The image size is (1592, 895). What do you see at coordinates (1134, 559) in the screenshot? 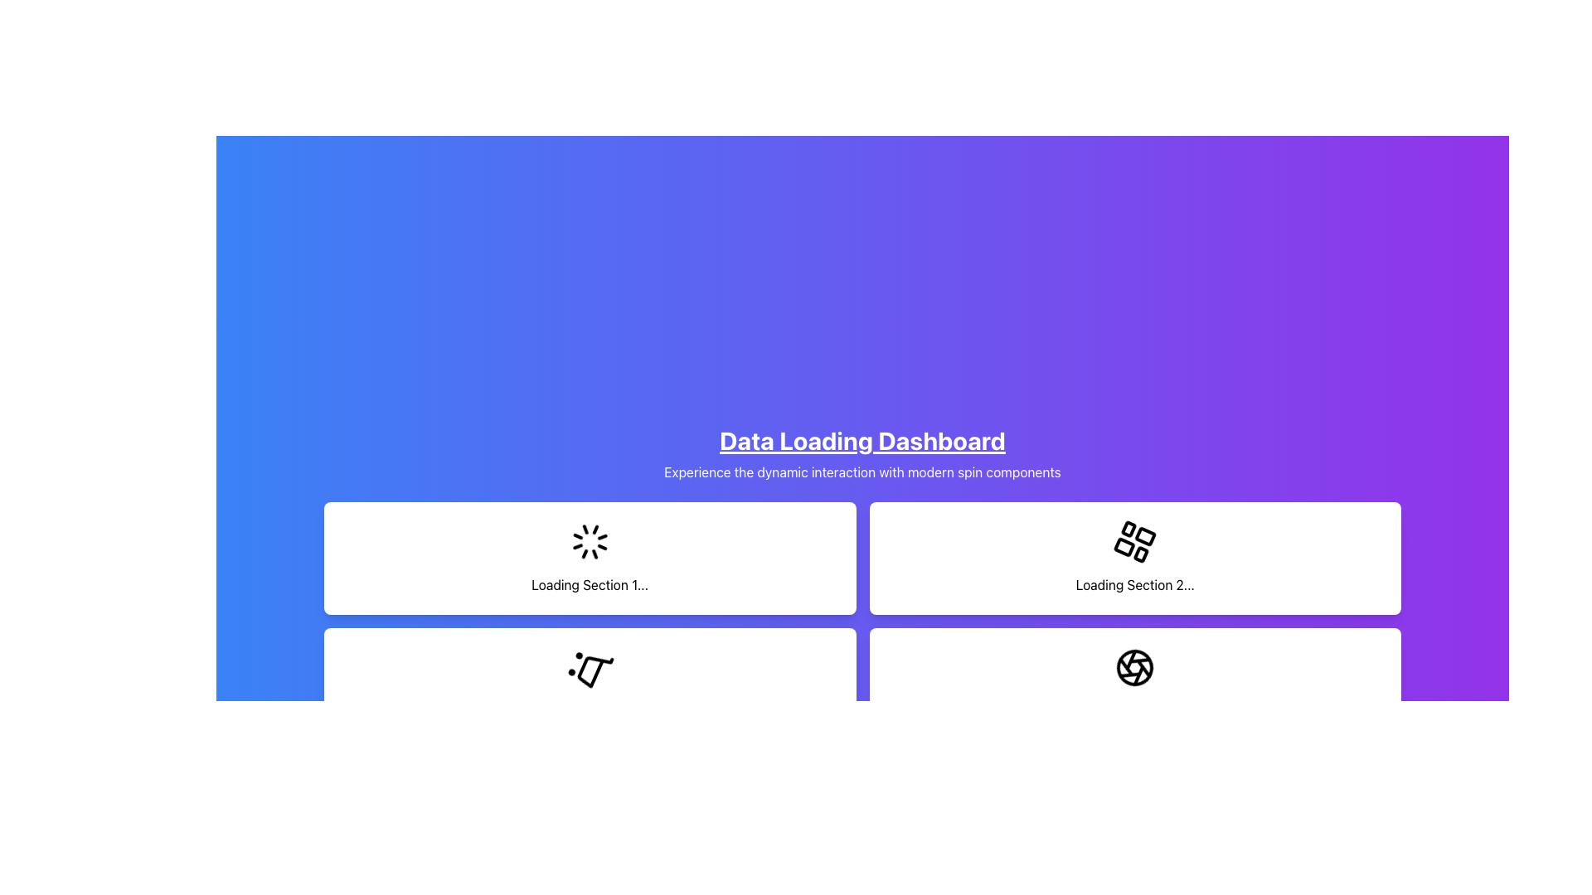
I see `text from the Informative Card displaying 'Loading Section 2...' located in the top-right quadrant of the grid layout` at bounding box center [1134, 559].